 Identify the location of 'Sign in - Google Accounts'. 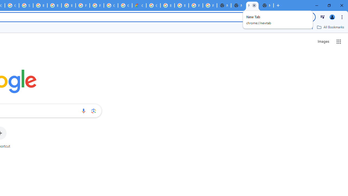
(26, 5).